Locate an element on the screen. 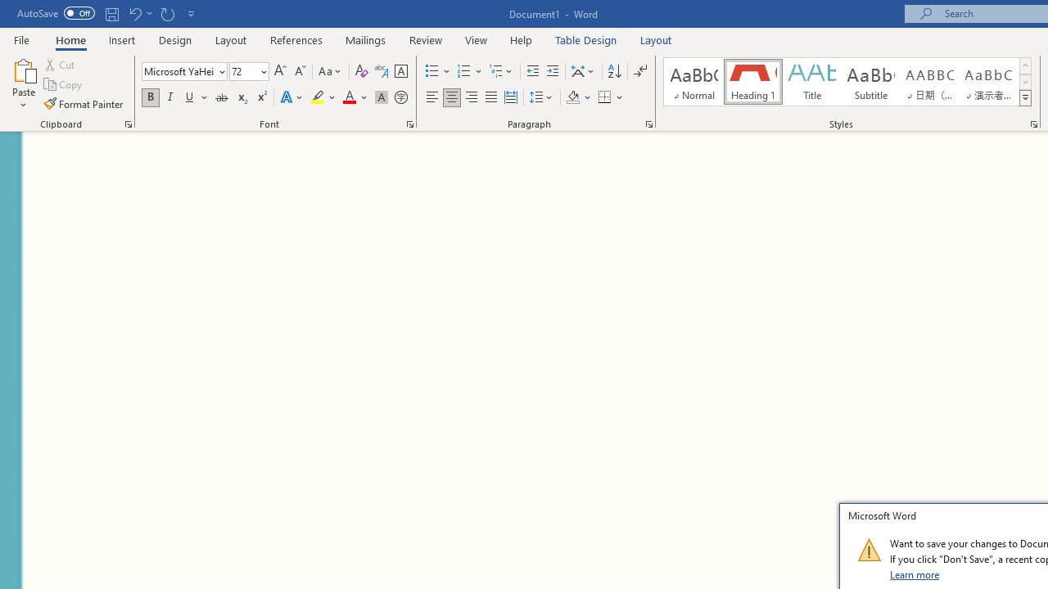 This screenshot has height=589, width=1048. 'Grow Font' is located at coordinates (280, 70).